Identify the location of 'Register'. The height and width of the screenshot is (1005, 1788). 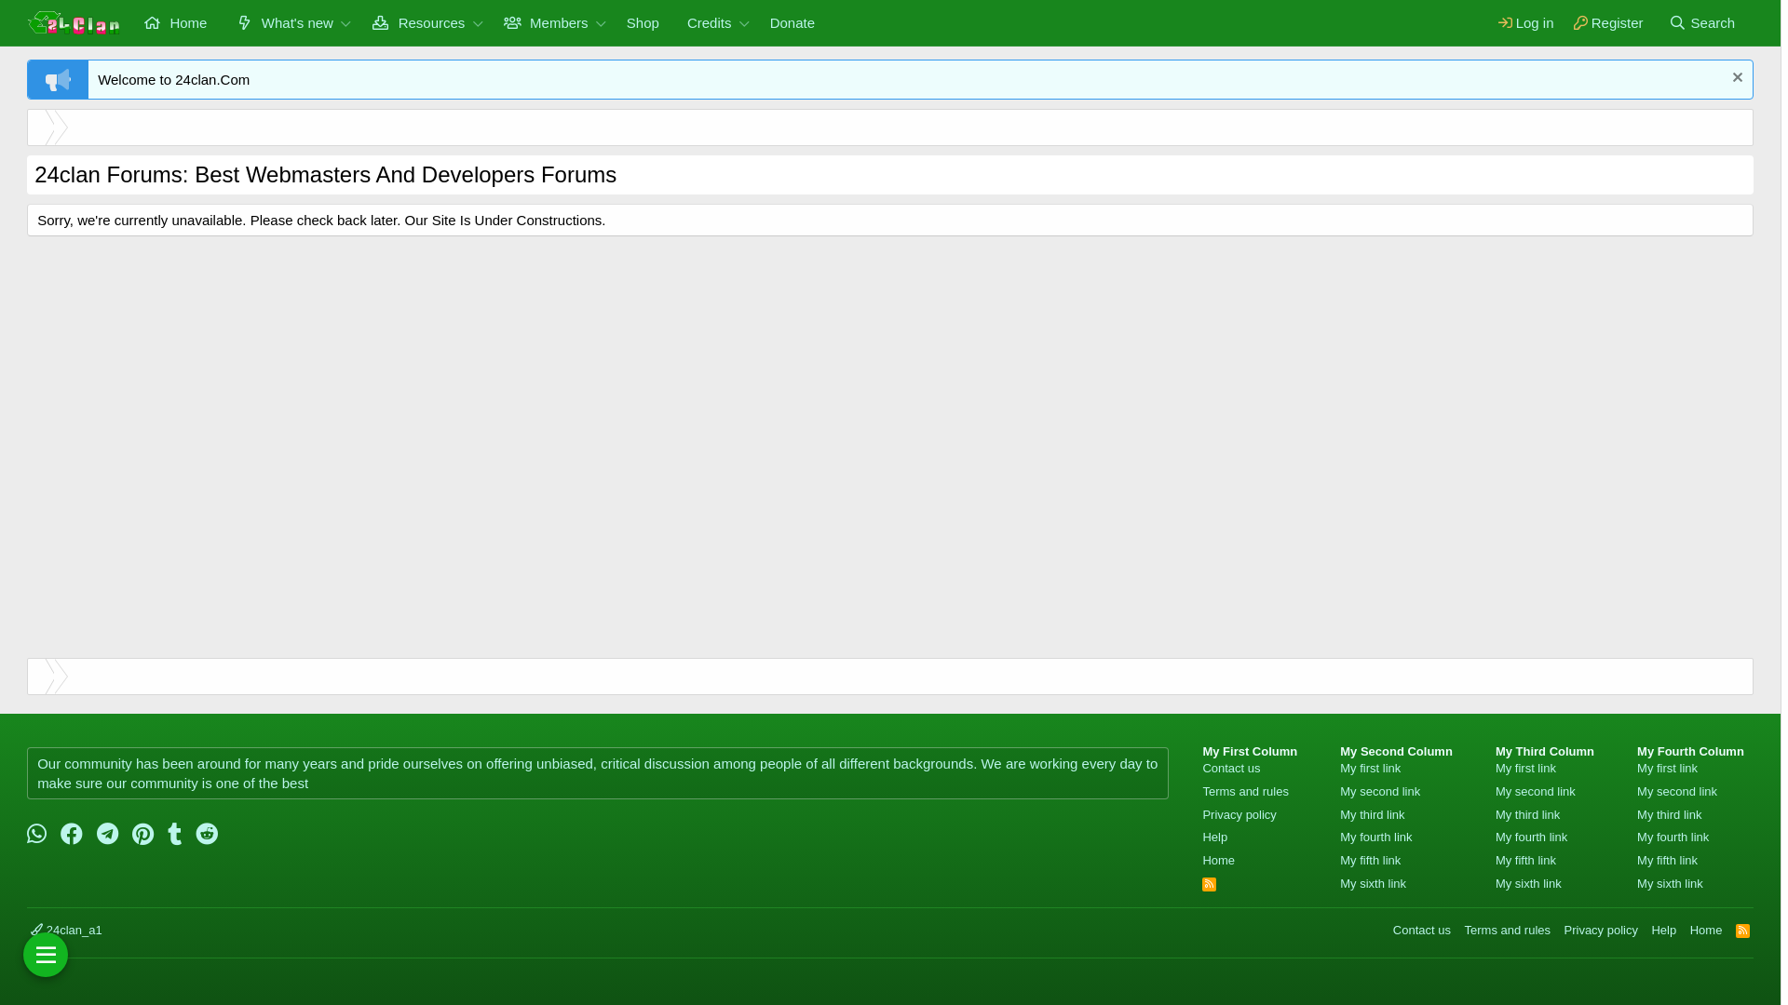
(1607, 22).